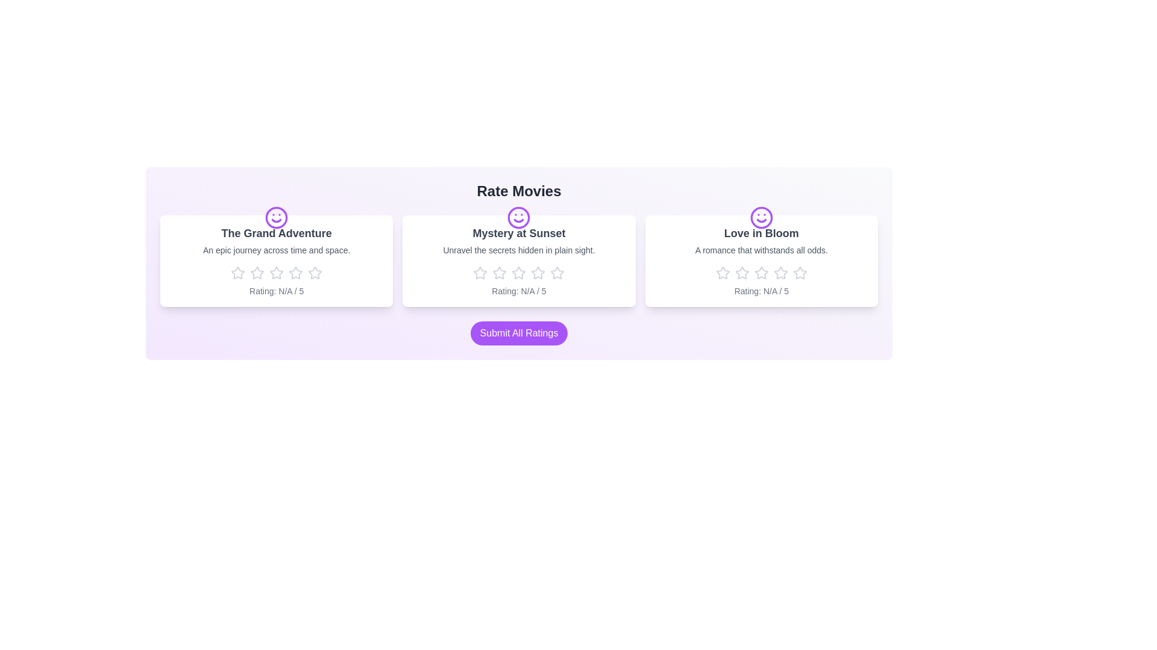  What do you see at coordinates (519, 333) in the screenshot?
I see `the 'Submit All Ratings' button to submit the ratings` at bounding box center [519, 333].